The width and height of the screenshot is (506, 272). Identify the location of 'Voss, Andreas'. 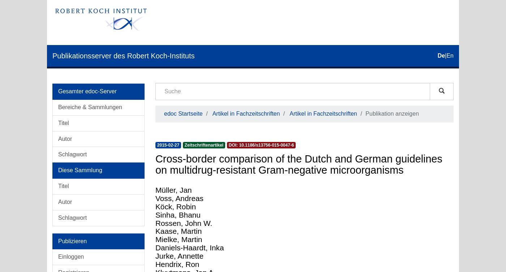
(179, 197).